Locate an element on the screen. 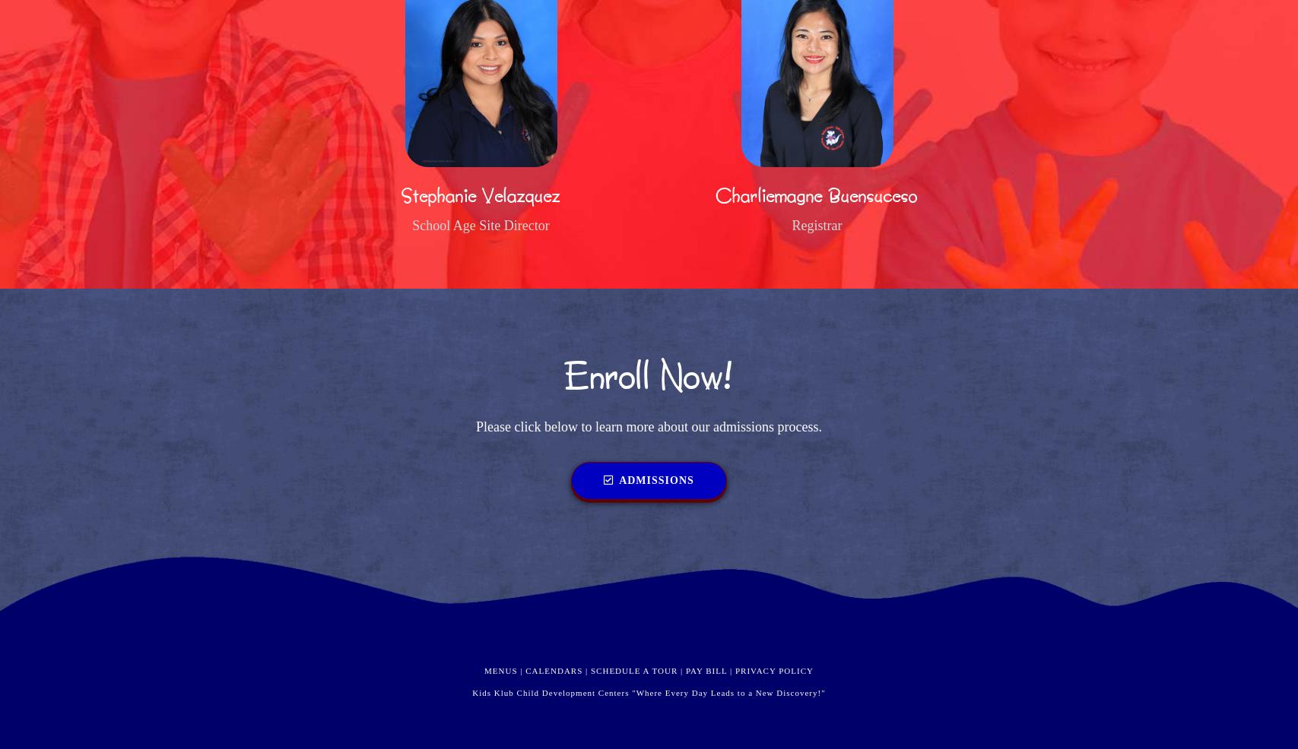  'Registrar' is located at coordinates (816, 225).